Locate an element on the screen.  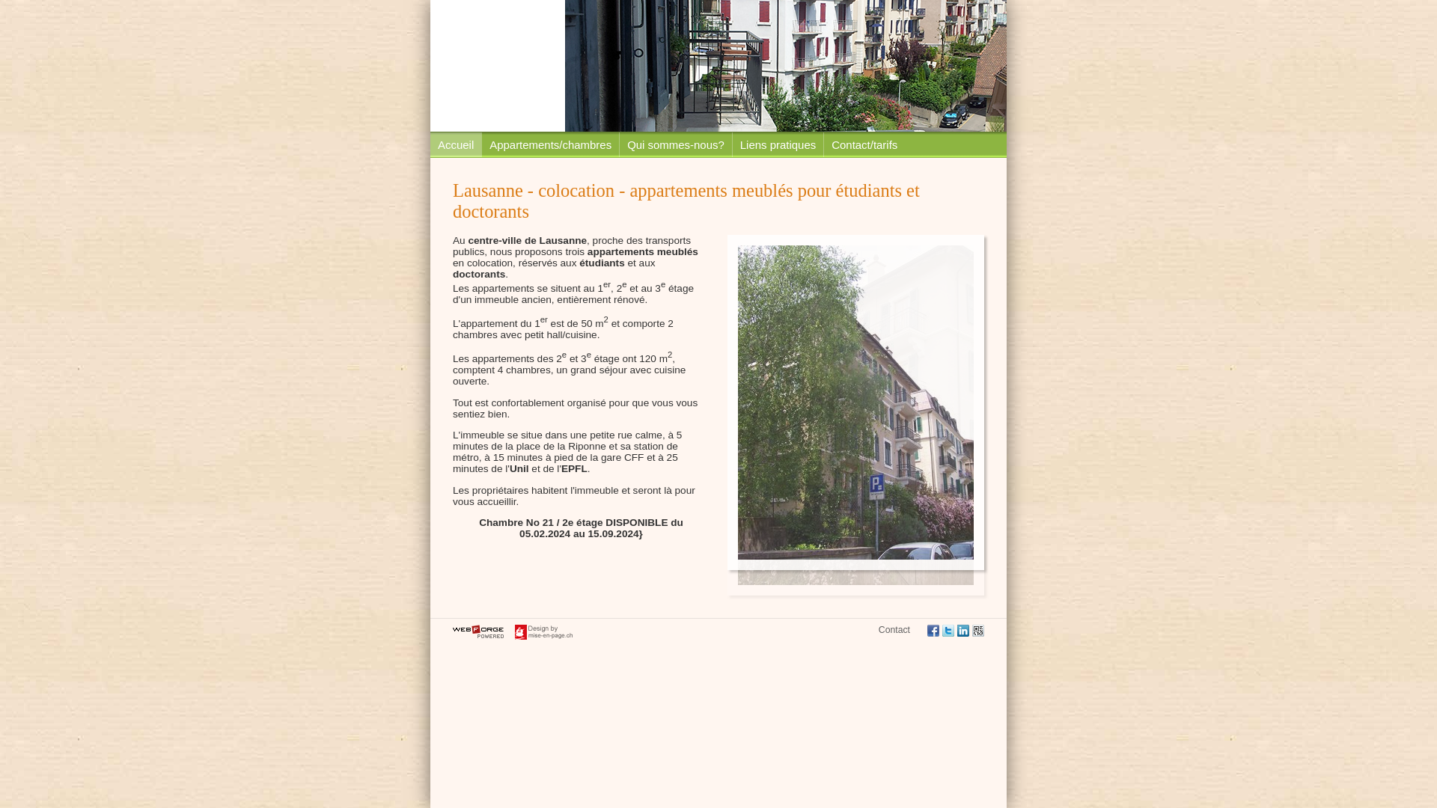
'Qui sommes-nous?' is located at coordinates (618, 144).